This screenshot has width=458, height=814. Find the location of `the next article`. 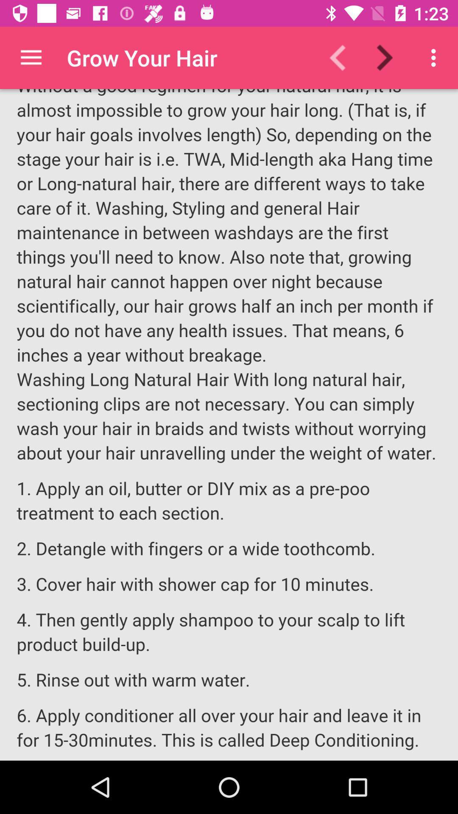

the next article is located at coordinates (390, 57).